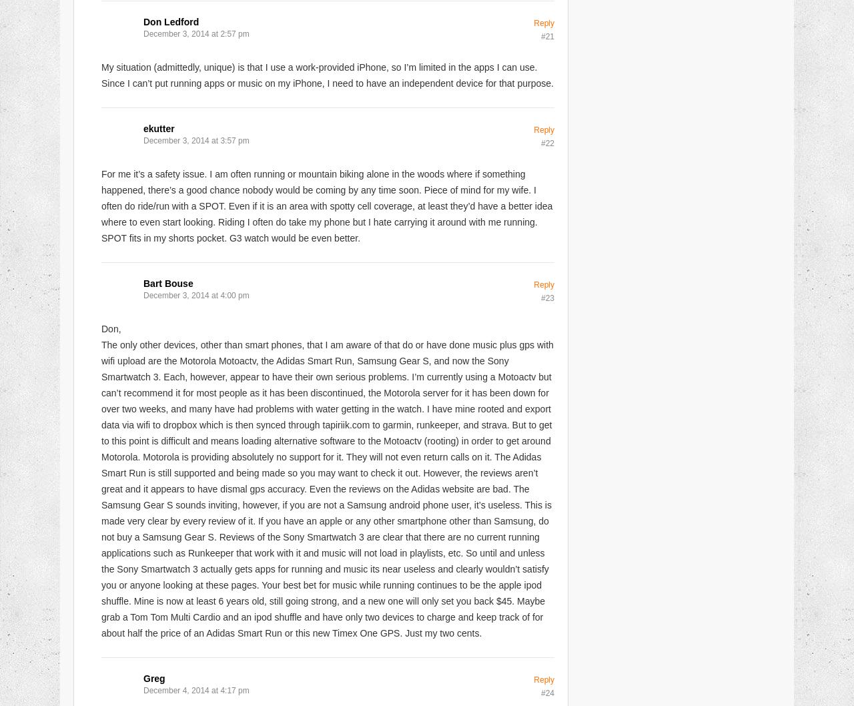 The image size is (854, 706). I want to click on 'Bart Bouse', so click(167, 283).